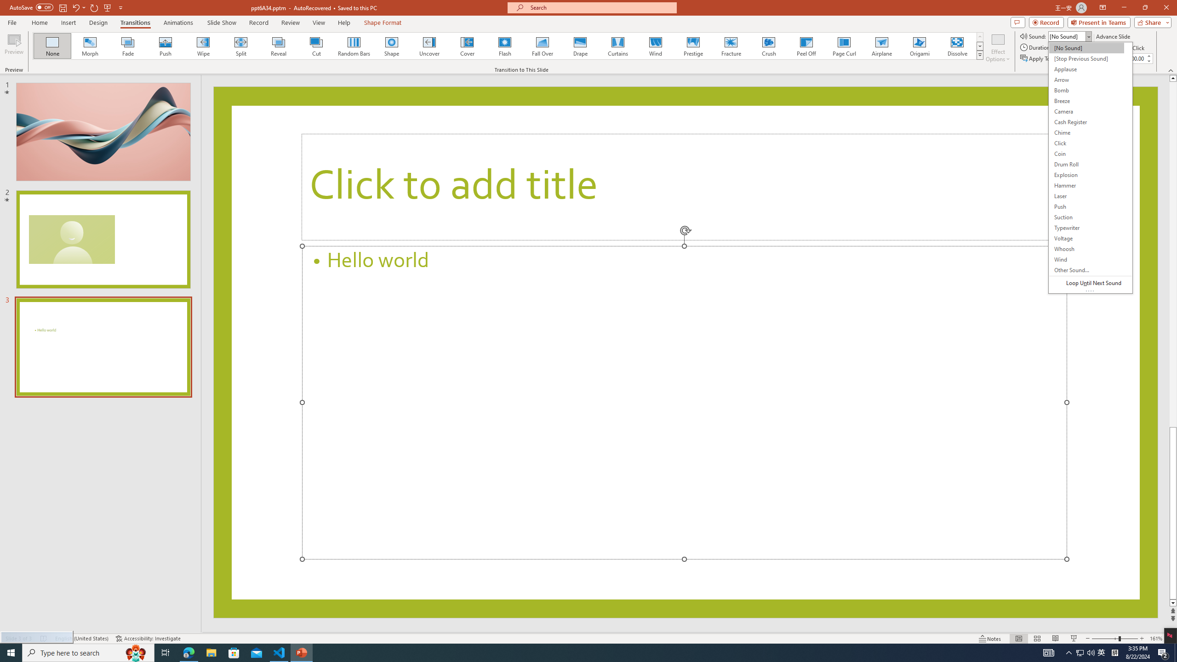 This screenshot has width=1177, height=662. Describe the element at coordinates (504, 46) in the screenshot. I see `'Flash'` at that location.